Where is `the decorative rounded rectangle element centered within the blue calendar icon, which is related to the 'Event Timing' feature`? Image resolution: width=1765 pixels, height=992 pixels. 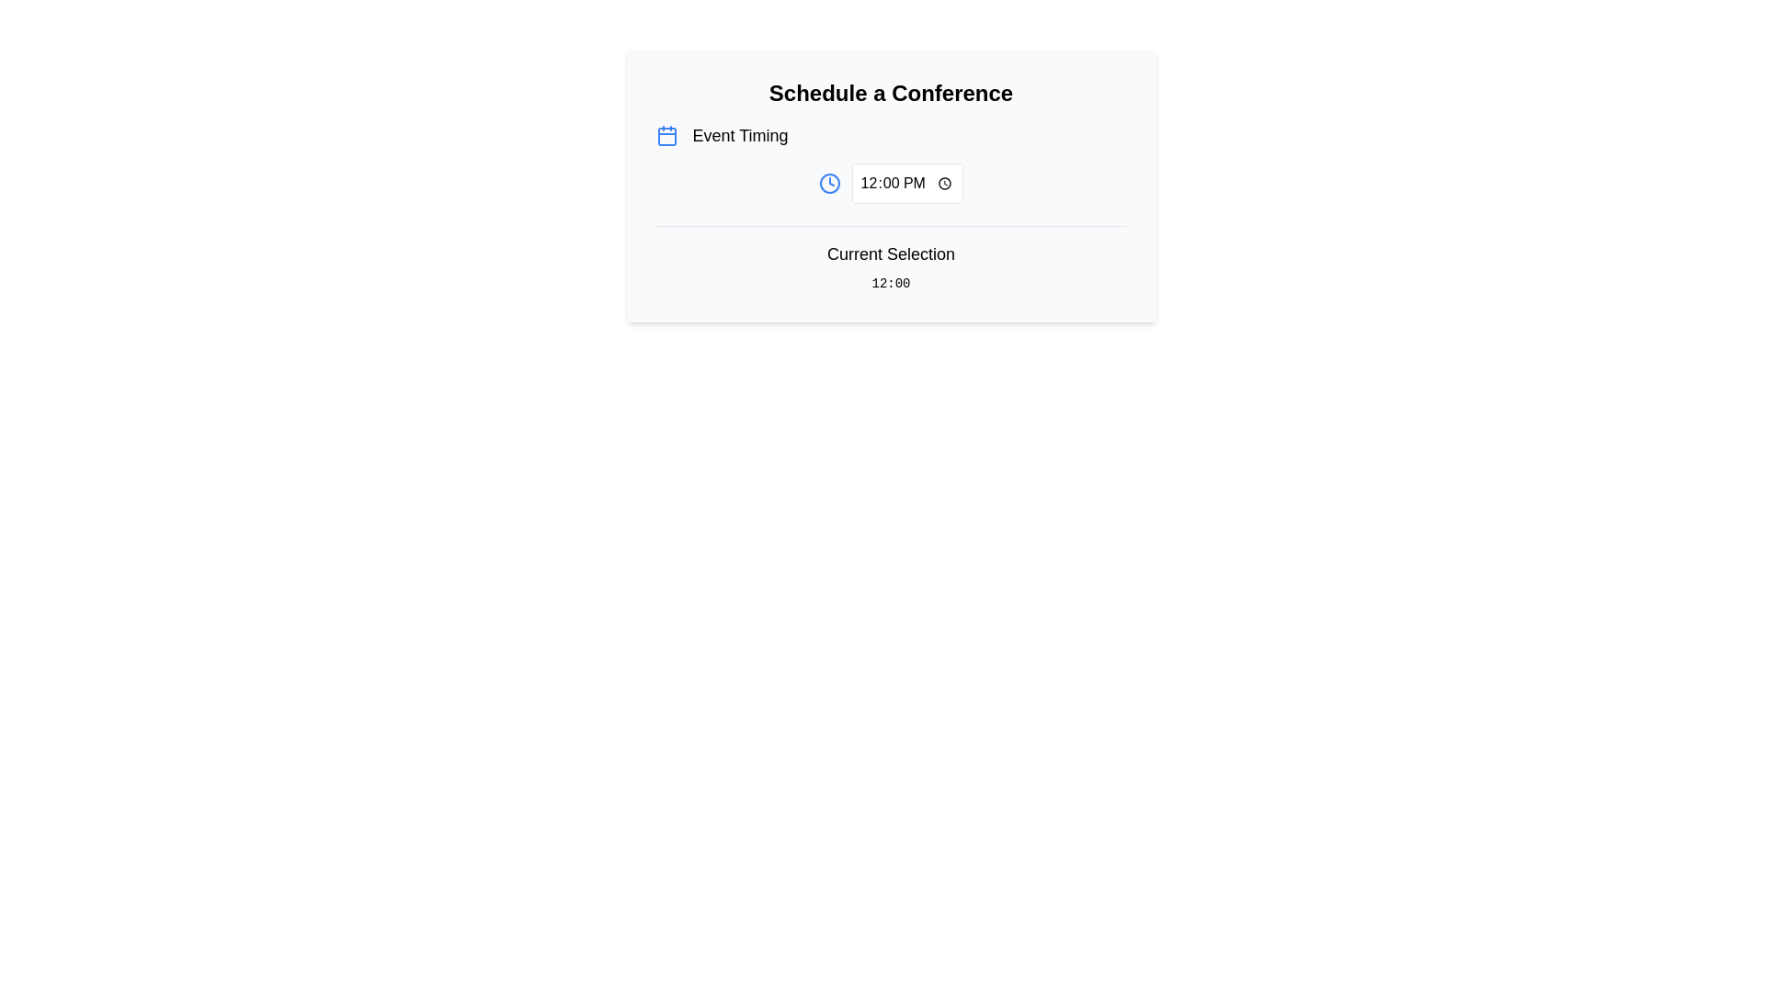
the decorative rounded rectangle element centered within the blue calendar icon, which is related to the 'Event Timing' feature is located at coordinates (666, 136).